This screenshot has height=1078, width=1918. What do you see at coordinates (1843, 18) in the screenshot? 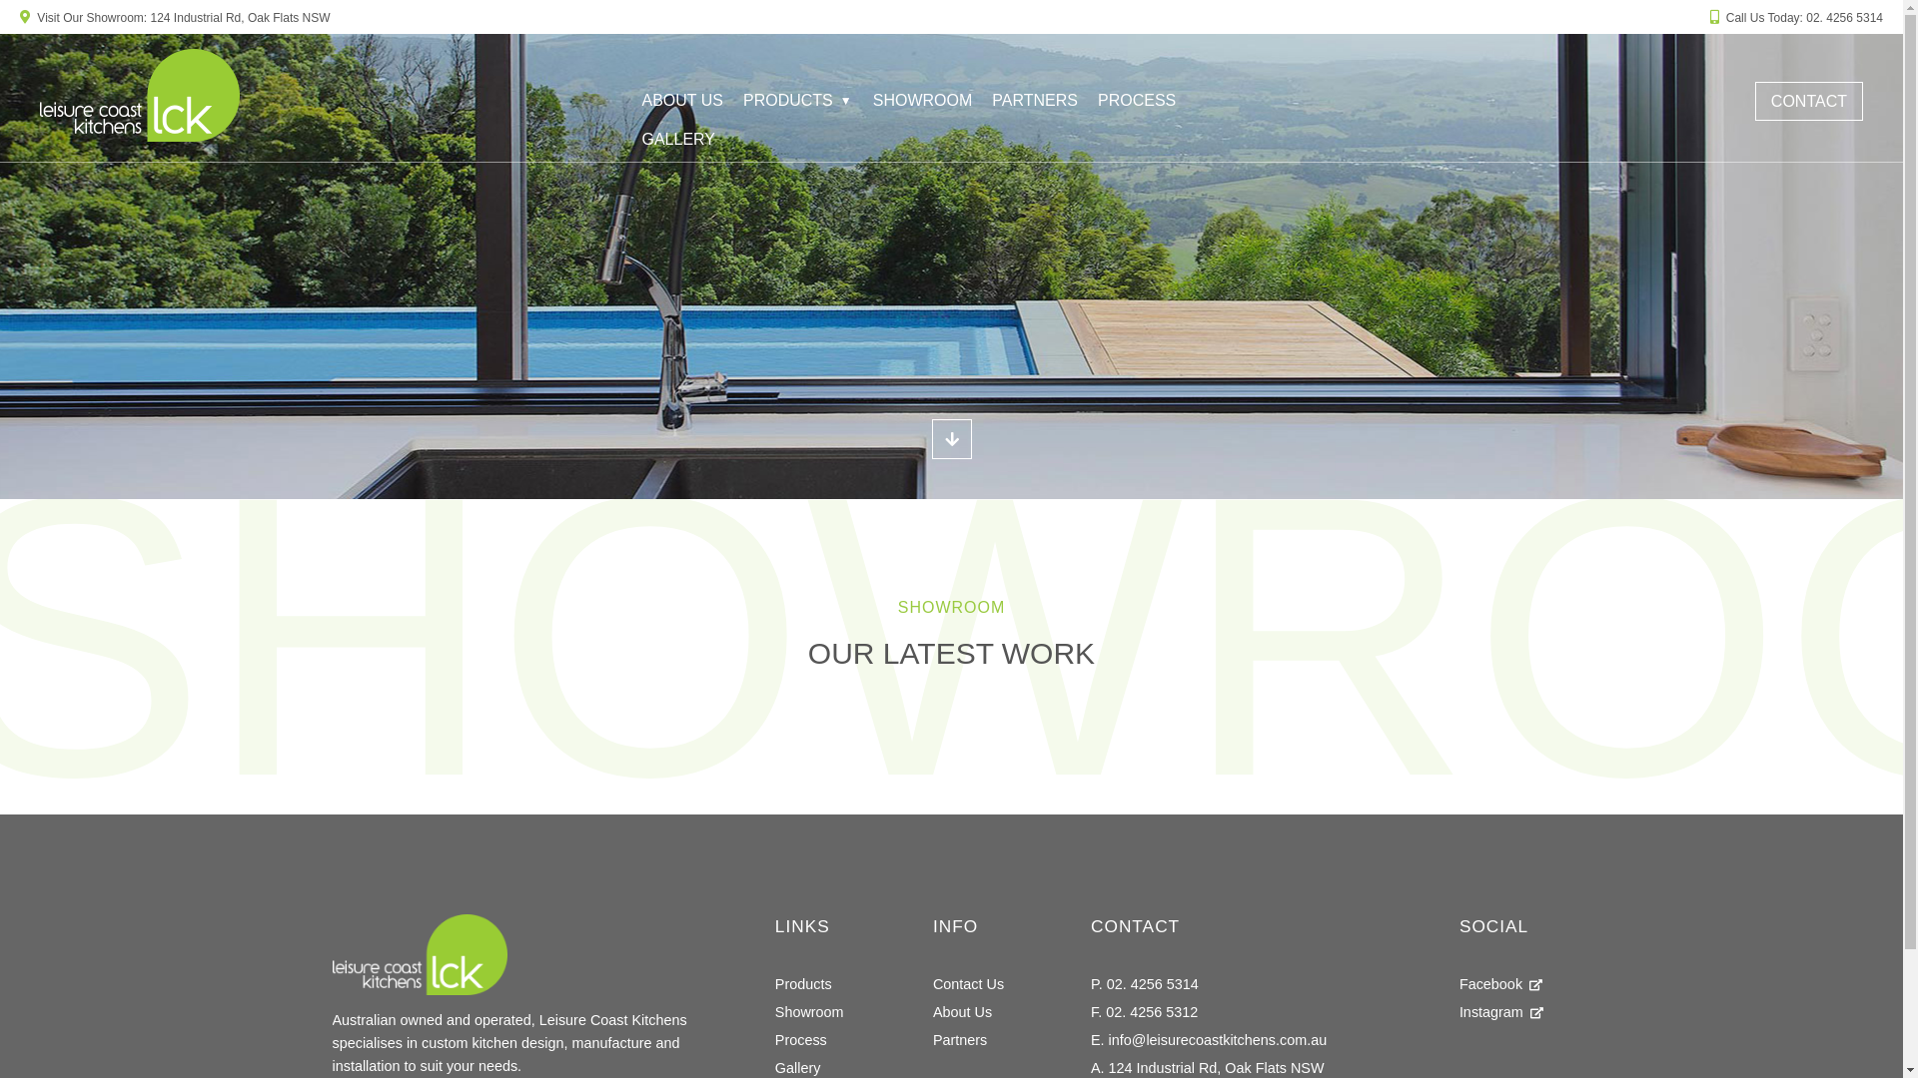
I see `'02. 4256 5314'` at bounding box center [1843, 18].